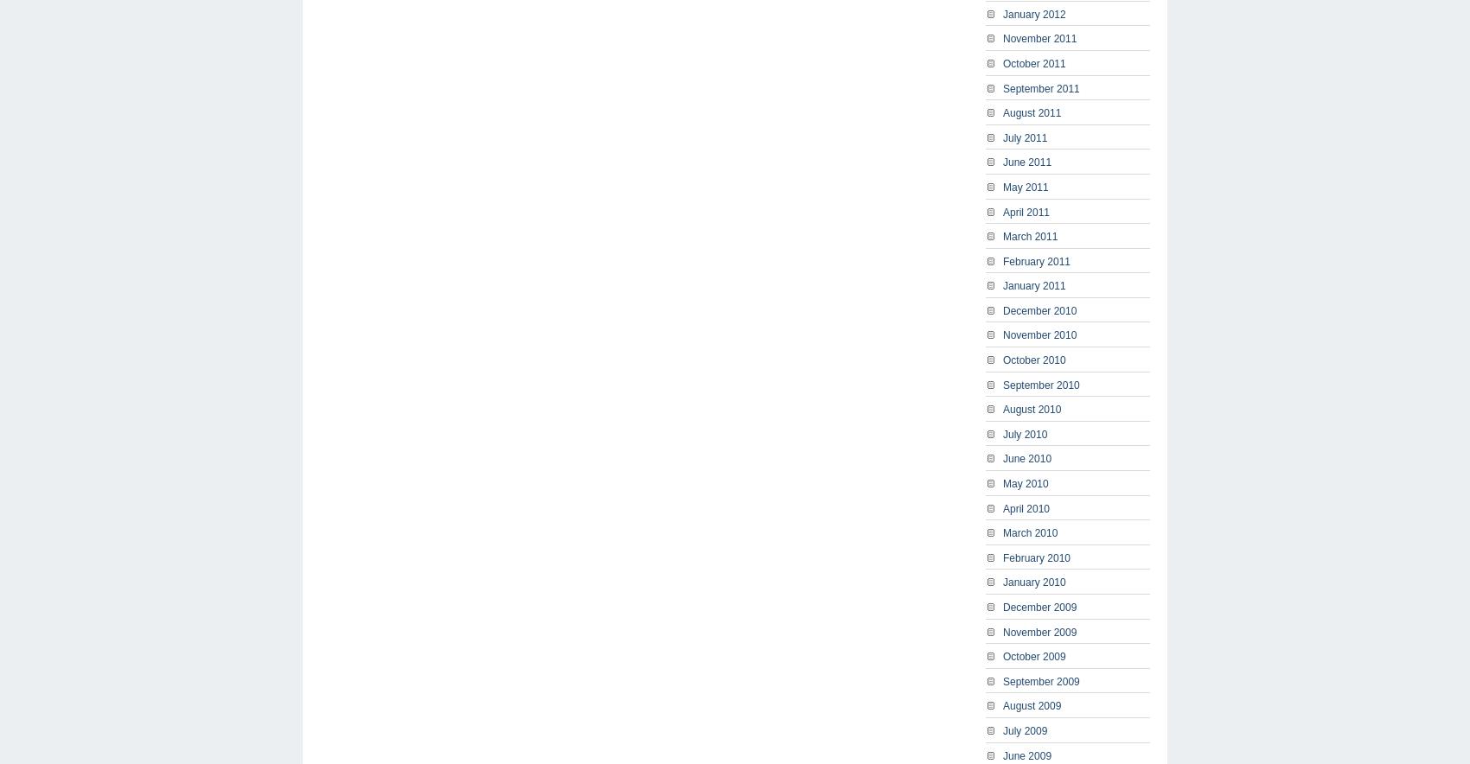  I want to click on 'March 2011', so click(1029, 236).